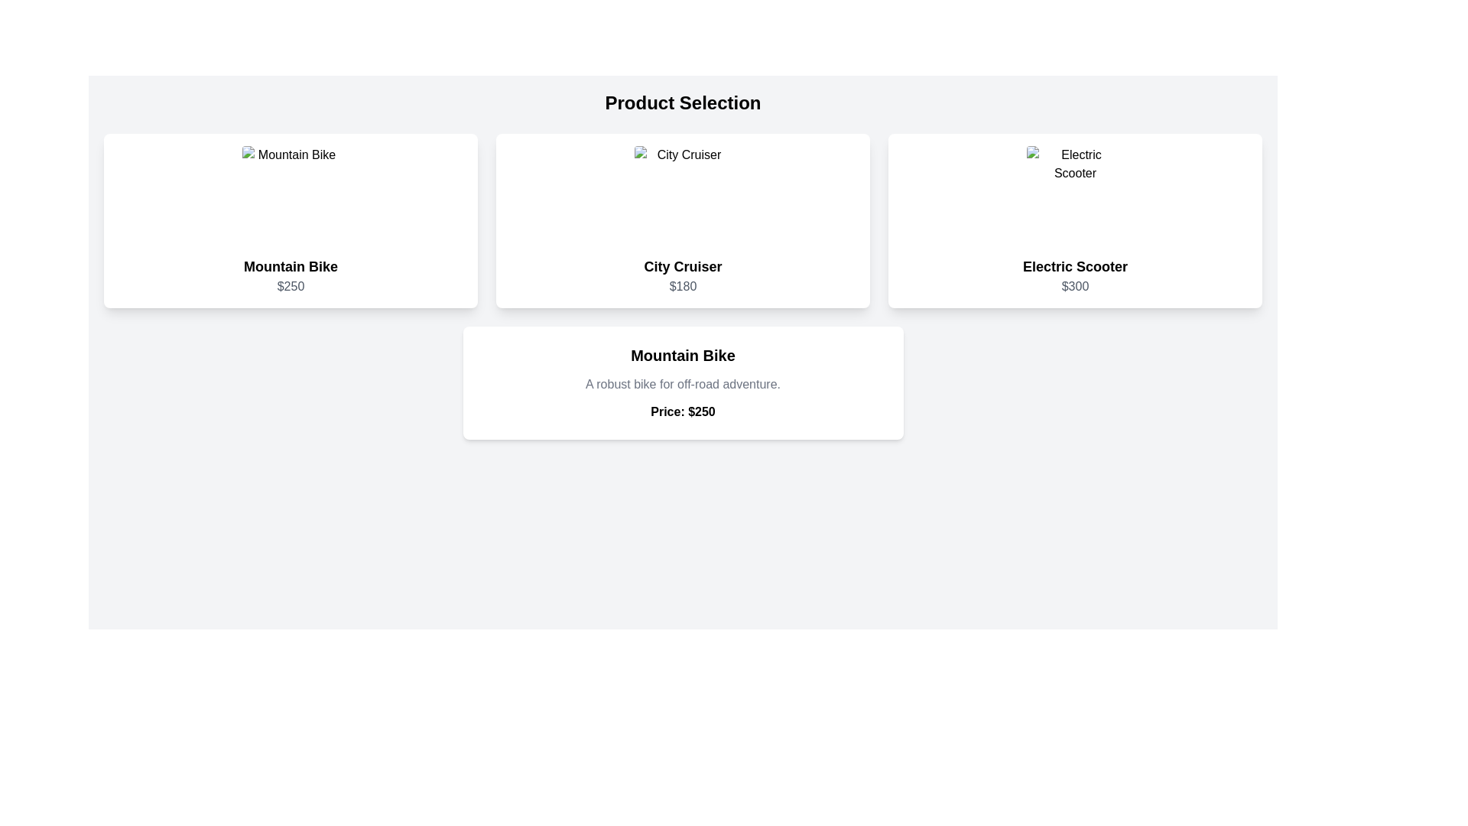 The width and height of the screenshot is (1468, 826). Describe the element at coordinates (682, 221) in the screenshot. I see `the informational panel labeled 'City Cruiser' which displays the title 'City Cruiser' and the price '$180', positioned centrally in the middle column of a horizontally aligned grid layout` at that location.